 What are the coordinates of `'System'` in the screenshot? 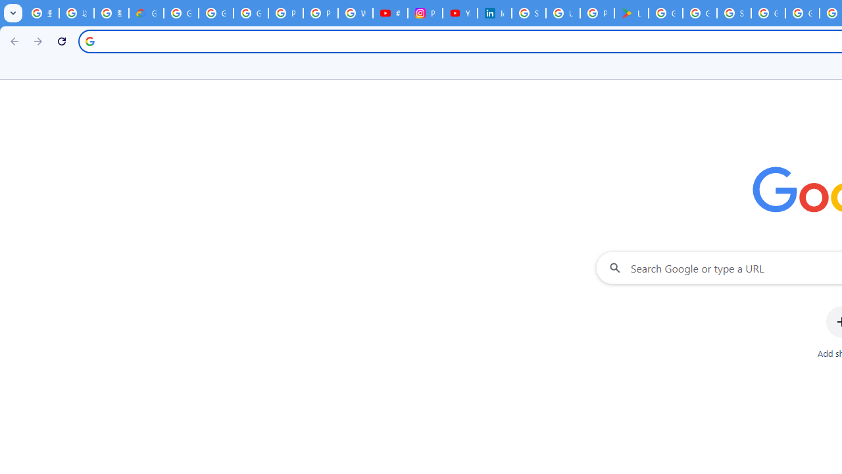 It's located at (7, 7).